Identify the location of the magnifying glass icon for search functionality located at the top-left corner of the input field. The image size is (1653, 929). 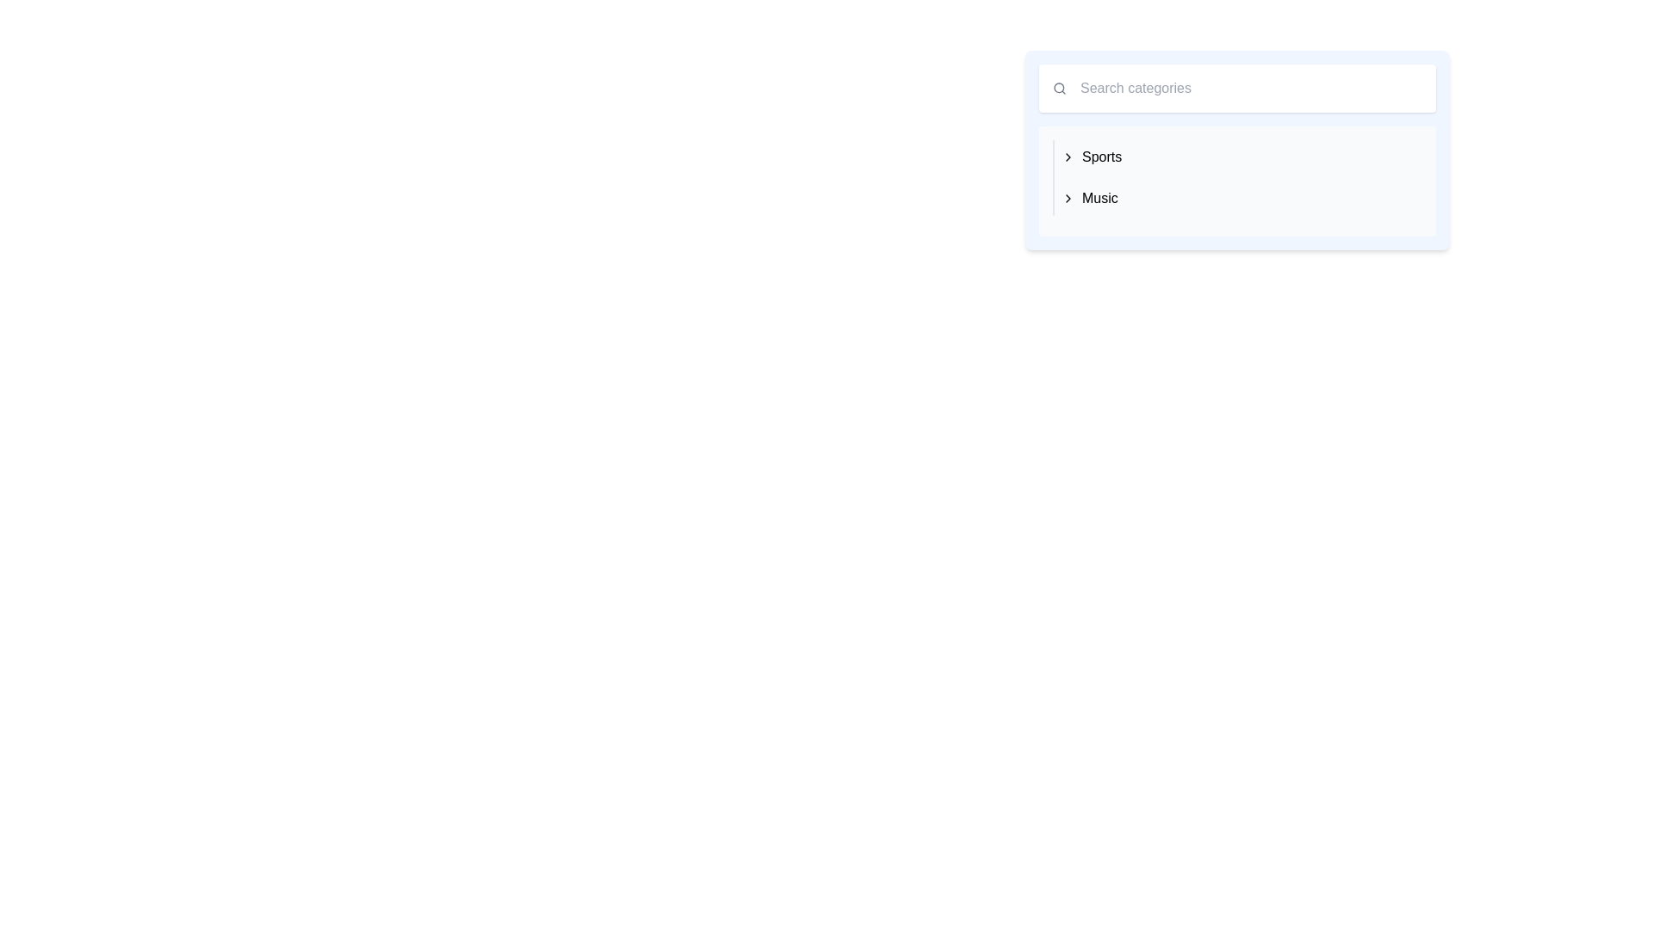
(1058, 89).